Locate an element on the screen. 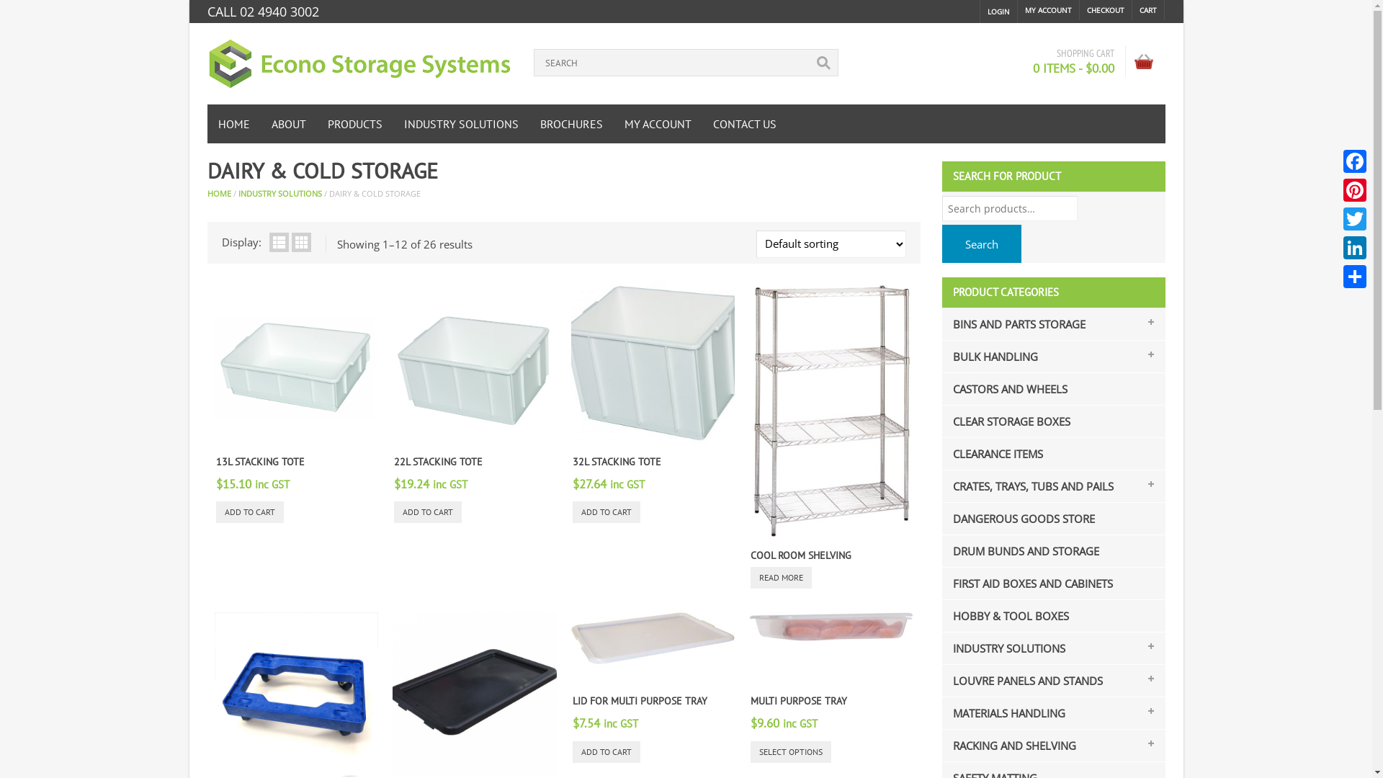  'DRUM BUNDS AND STORAGE' is located at coordinates (1020, 550).